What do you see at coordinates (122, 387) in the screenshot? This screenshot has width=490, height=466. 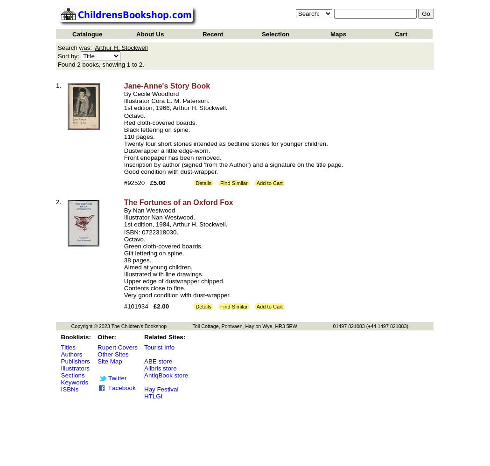 I see `'Facebook'` at bounding box center [122, 387].